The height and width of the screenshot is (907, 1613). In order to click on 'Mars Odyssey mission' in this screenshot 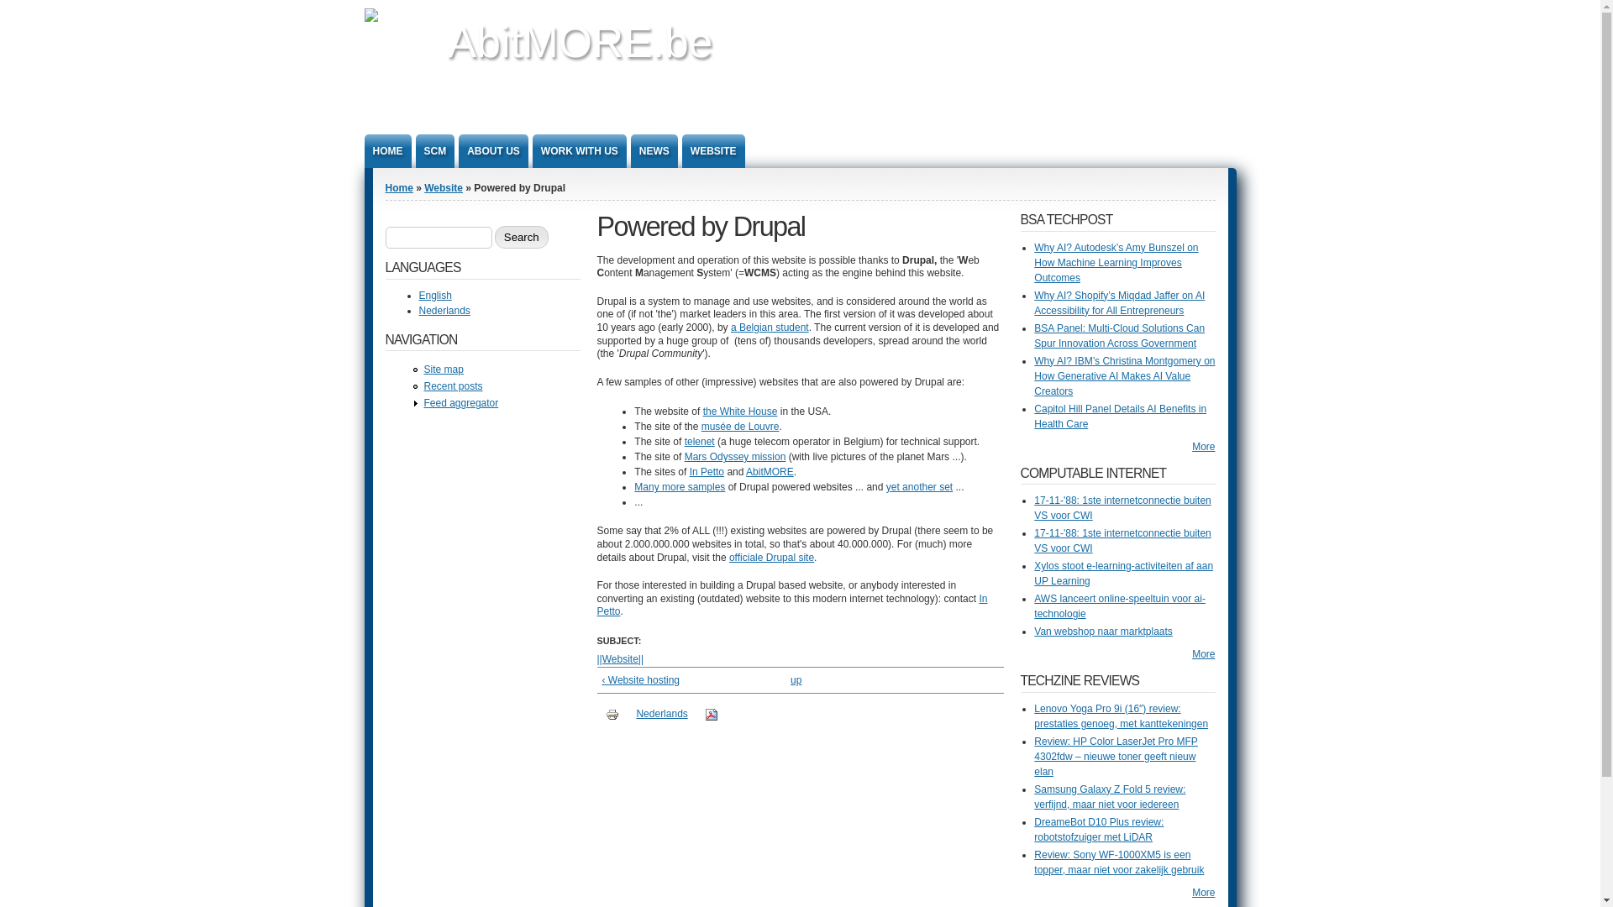, I will do `click(735, 456)`.